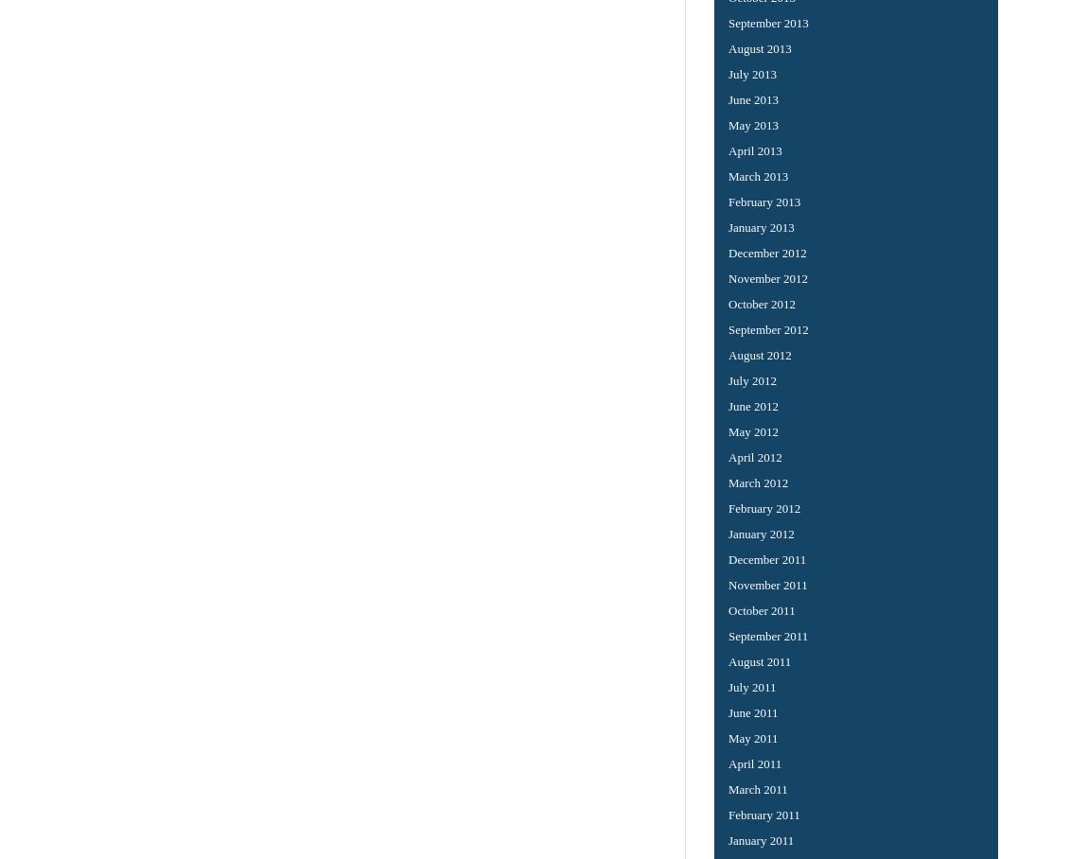  Describe the element at coordinates (752, 405) in the screenshot. I see `'June 2012'` at that location.